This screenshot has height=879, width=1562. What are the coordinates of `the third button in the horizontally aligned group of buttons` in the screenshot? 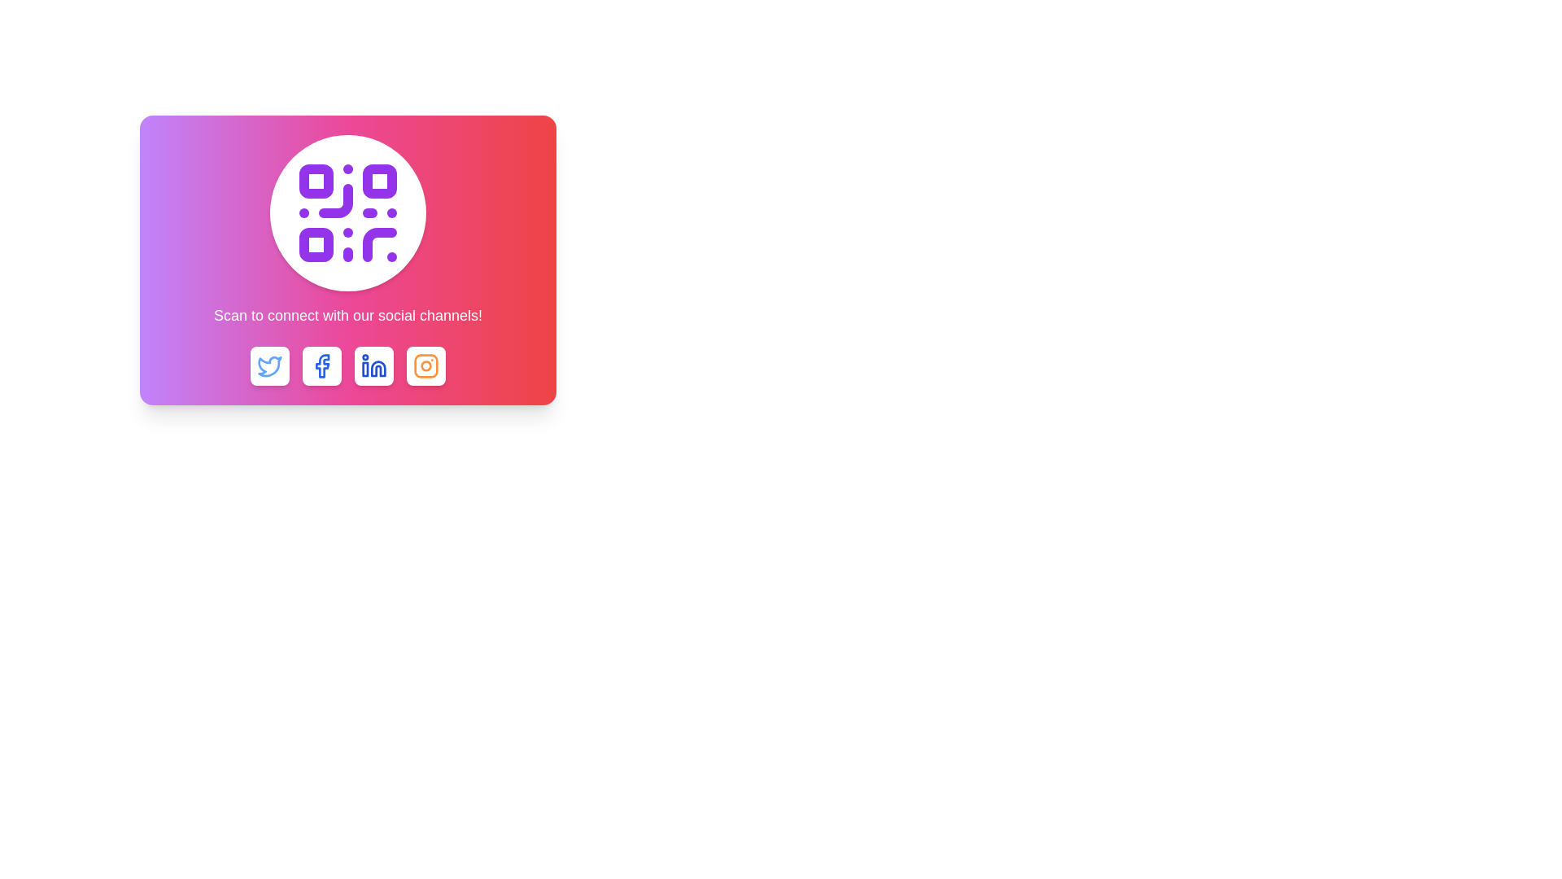 It's located at (347, 366).